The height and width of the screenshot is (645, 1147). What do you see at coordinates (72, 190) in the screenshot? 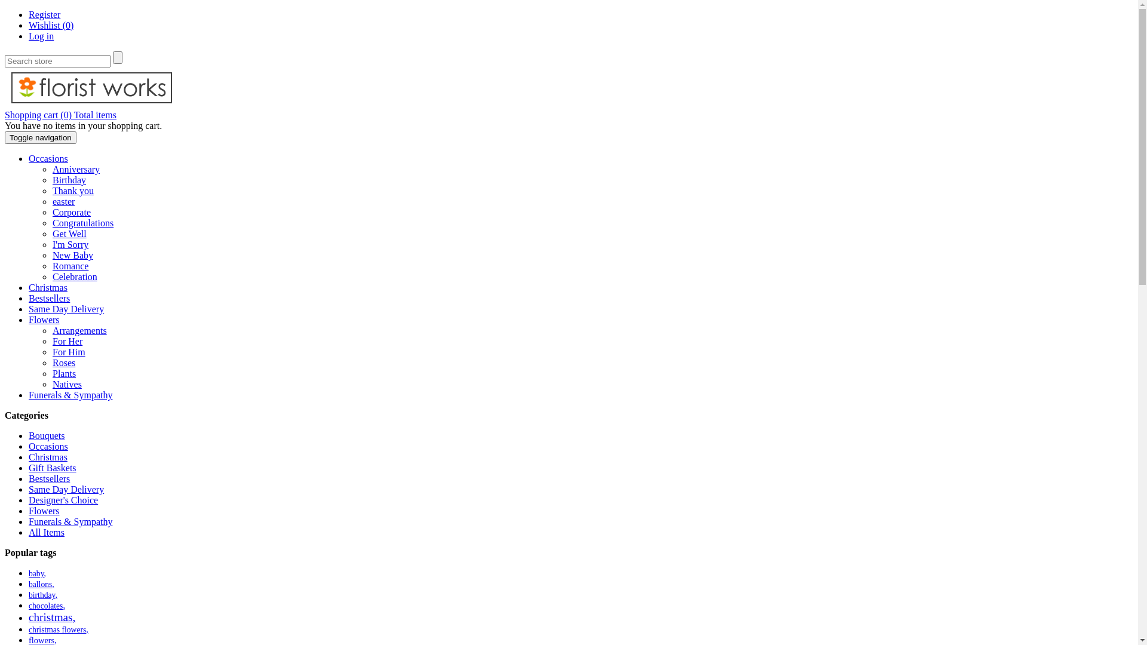
I see `'Thank you'` at bounding box center [72, 190].